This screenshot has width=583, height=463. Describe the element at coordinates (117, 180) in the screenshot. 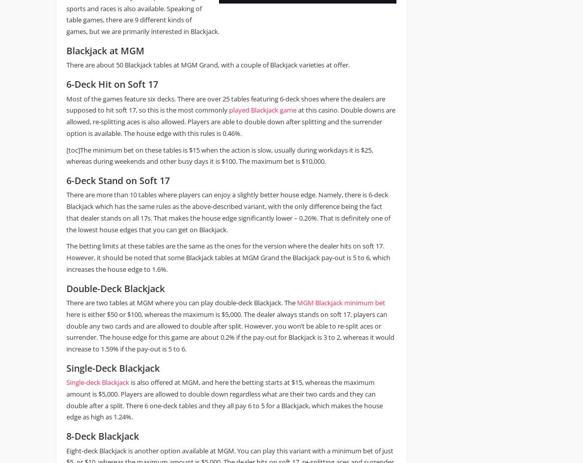

I see `'6-Deck Stand on Soft 17'` at that location.